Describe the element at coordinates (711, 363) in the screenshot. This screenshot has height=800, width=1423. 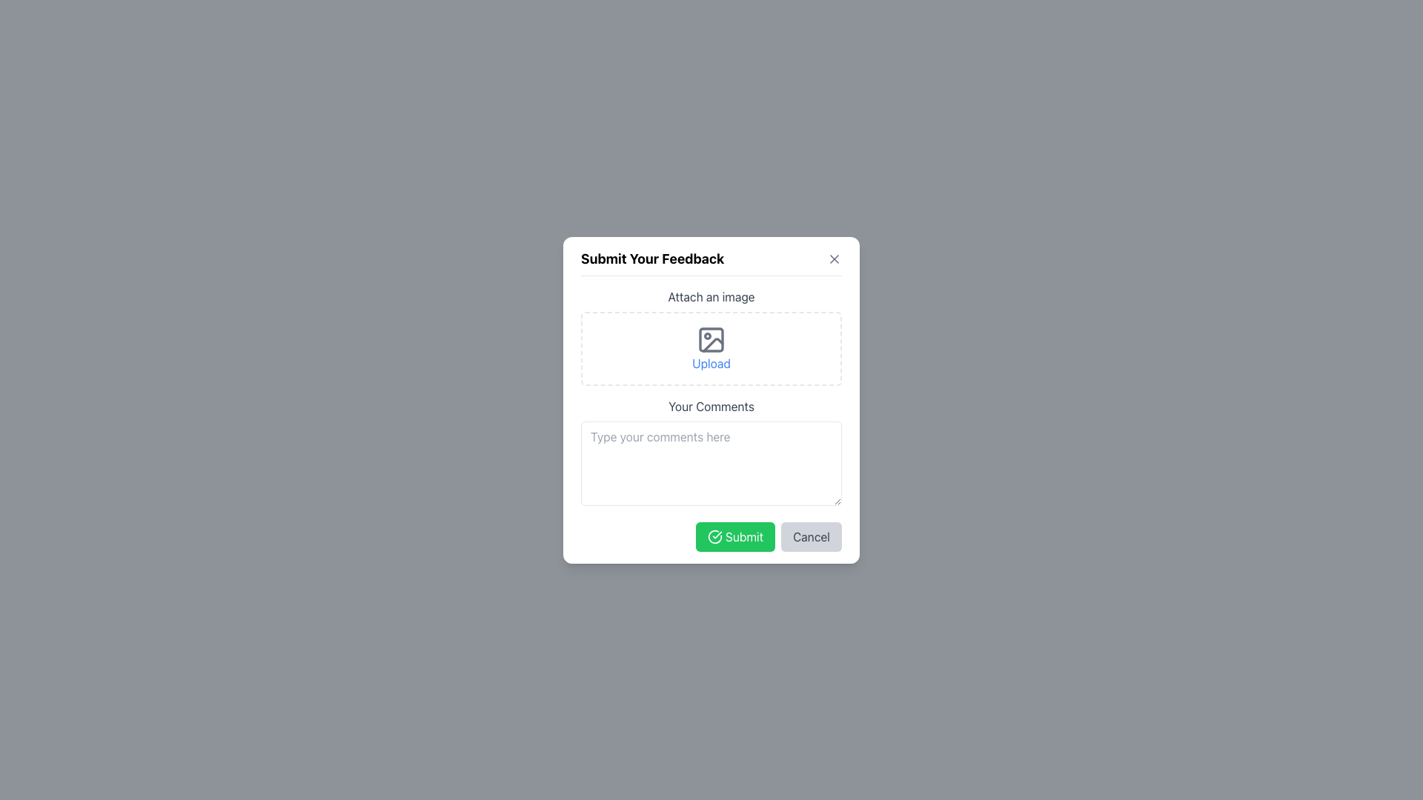
I see `the 'Upload' label, which is a text label with a blue font color and interactive hover effects, located below an image icon in a dashed-bordered input area` at that location.